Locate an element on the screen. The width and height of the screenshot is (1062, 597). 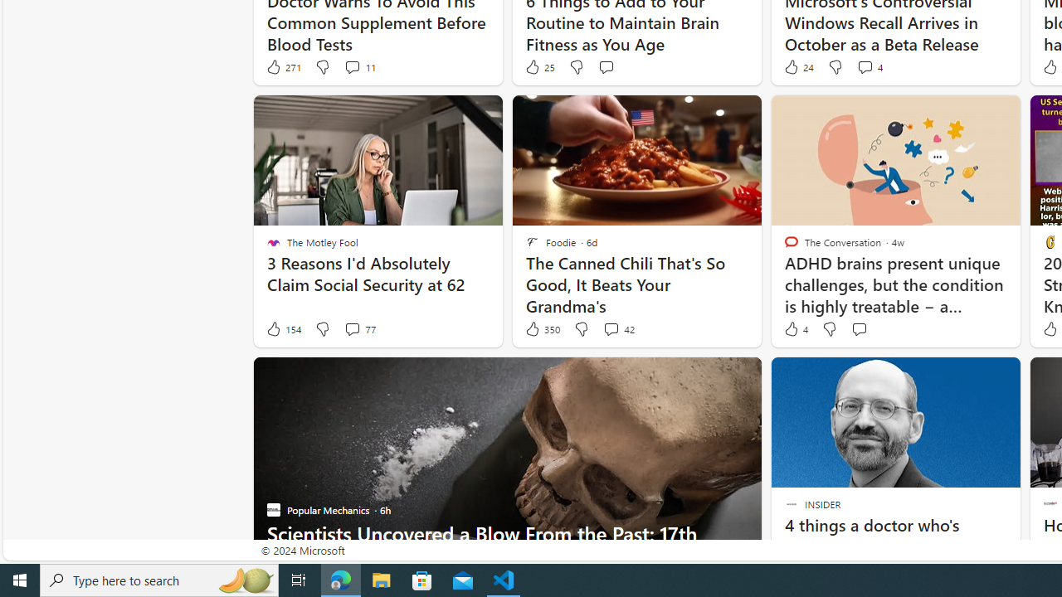
'25 Like' is located at coordinates (539, 66).